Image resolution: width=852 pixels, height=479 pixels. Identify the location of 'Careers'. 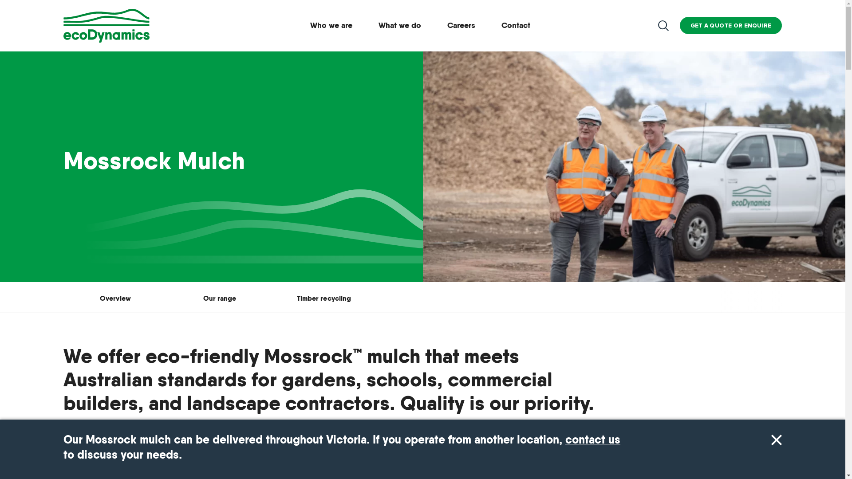
(461, 25).